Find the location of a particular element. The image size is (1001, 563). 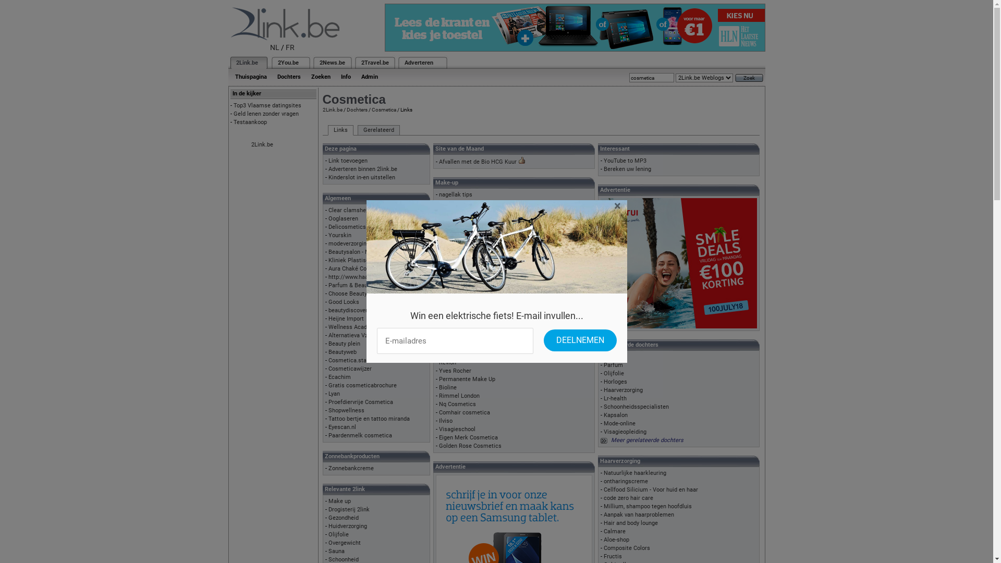

'Kliniek Plastische Chirurgie' is located at coordinates (364, 260).